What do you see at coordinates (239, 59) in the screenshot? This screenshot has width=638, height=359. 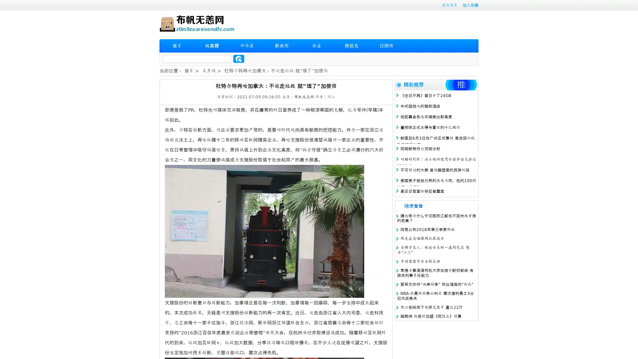 I see `Search` at bounding box center [239, 59].